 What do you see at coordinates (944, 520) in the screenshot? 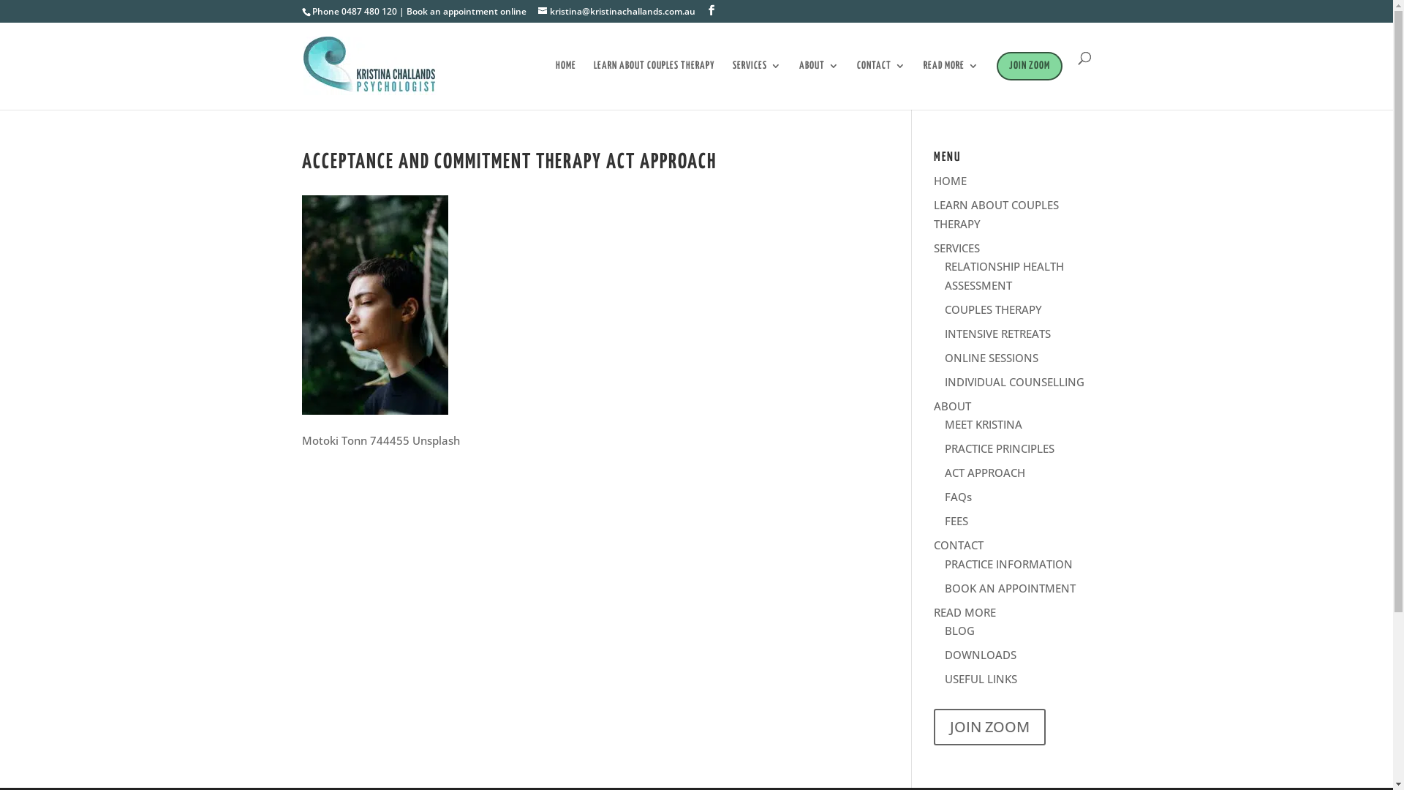
I see `'FEES'` at bounding box center [944, 520].